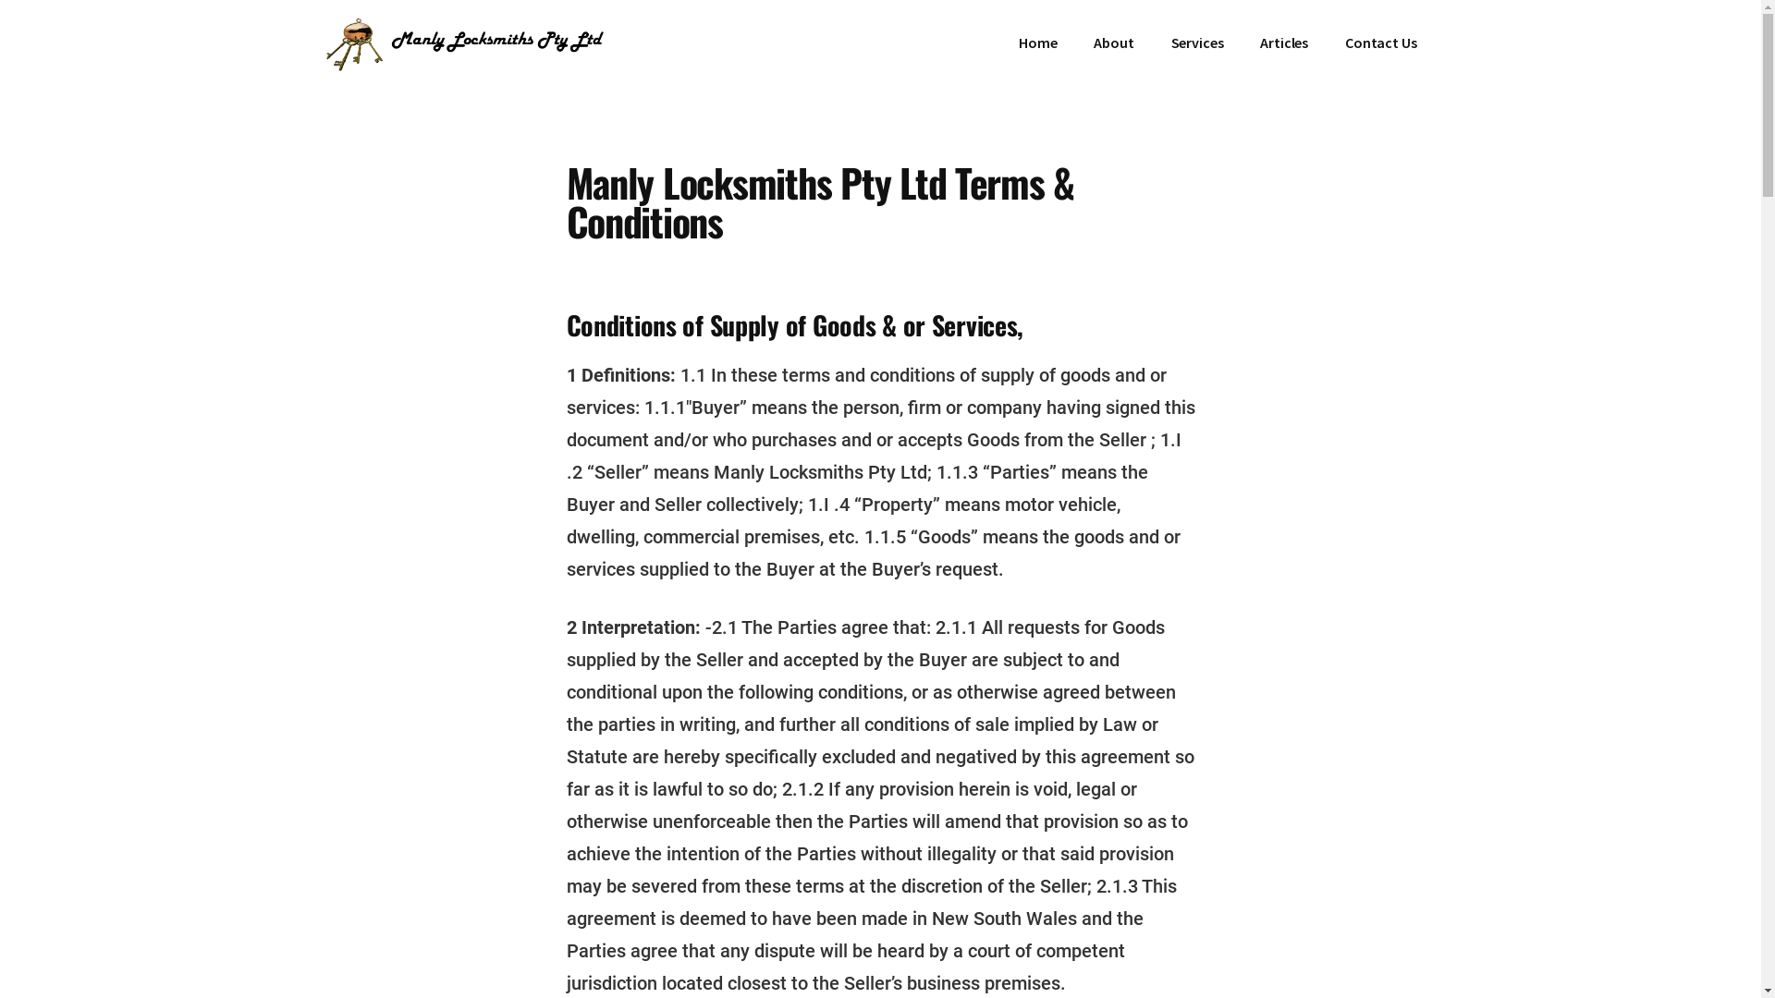 Image resolution: width=1775 pixels, height=998 pixels. I want to click on 'Services', so click(1152, 42).